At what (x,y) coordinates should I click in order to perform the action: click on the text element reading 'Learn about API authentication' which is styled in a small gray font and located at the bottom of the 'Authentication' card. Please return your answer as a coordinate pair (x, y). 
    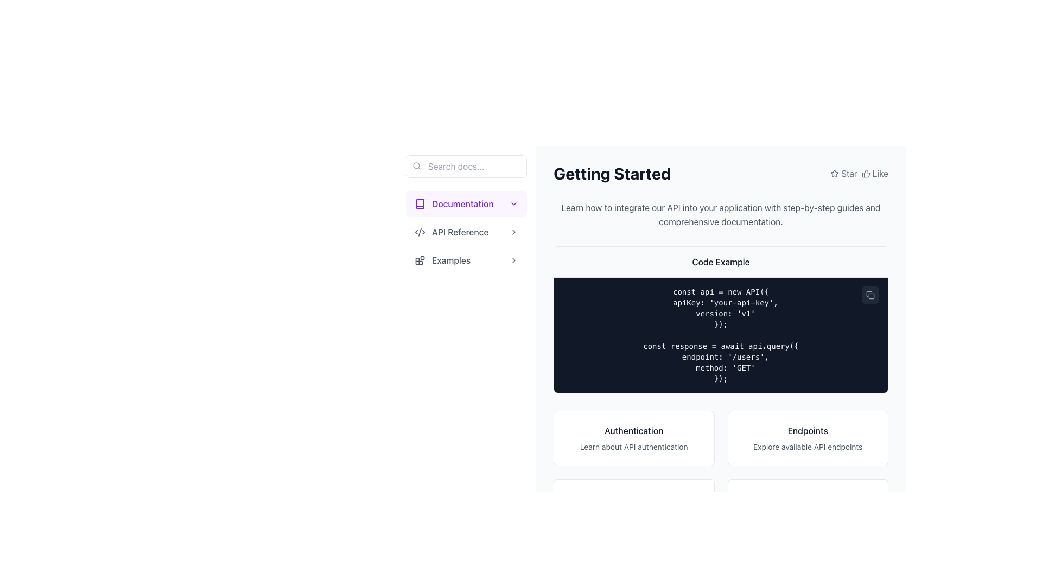
    Looking at the image, I should click on (634, 447).